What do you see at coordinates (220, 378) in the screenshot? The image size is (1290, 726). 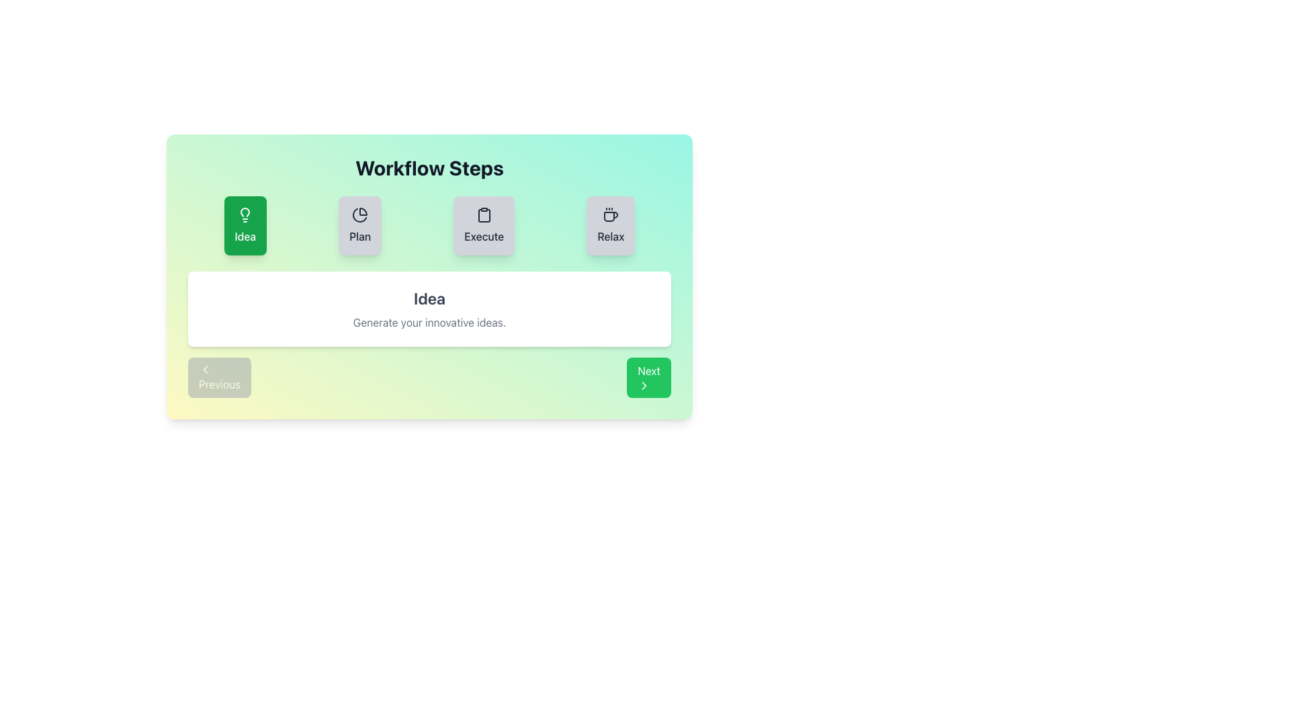 I see `the disabled navigation button located in the bottom-left corner of the 'Workflow Steps' interface, which is grayed out and positioned left of the 'Next' button` at bounding box center [220, 378].